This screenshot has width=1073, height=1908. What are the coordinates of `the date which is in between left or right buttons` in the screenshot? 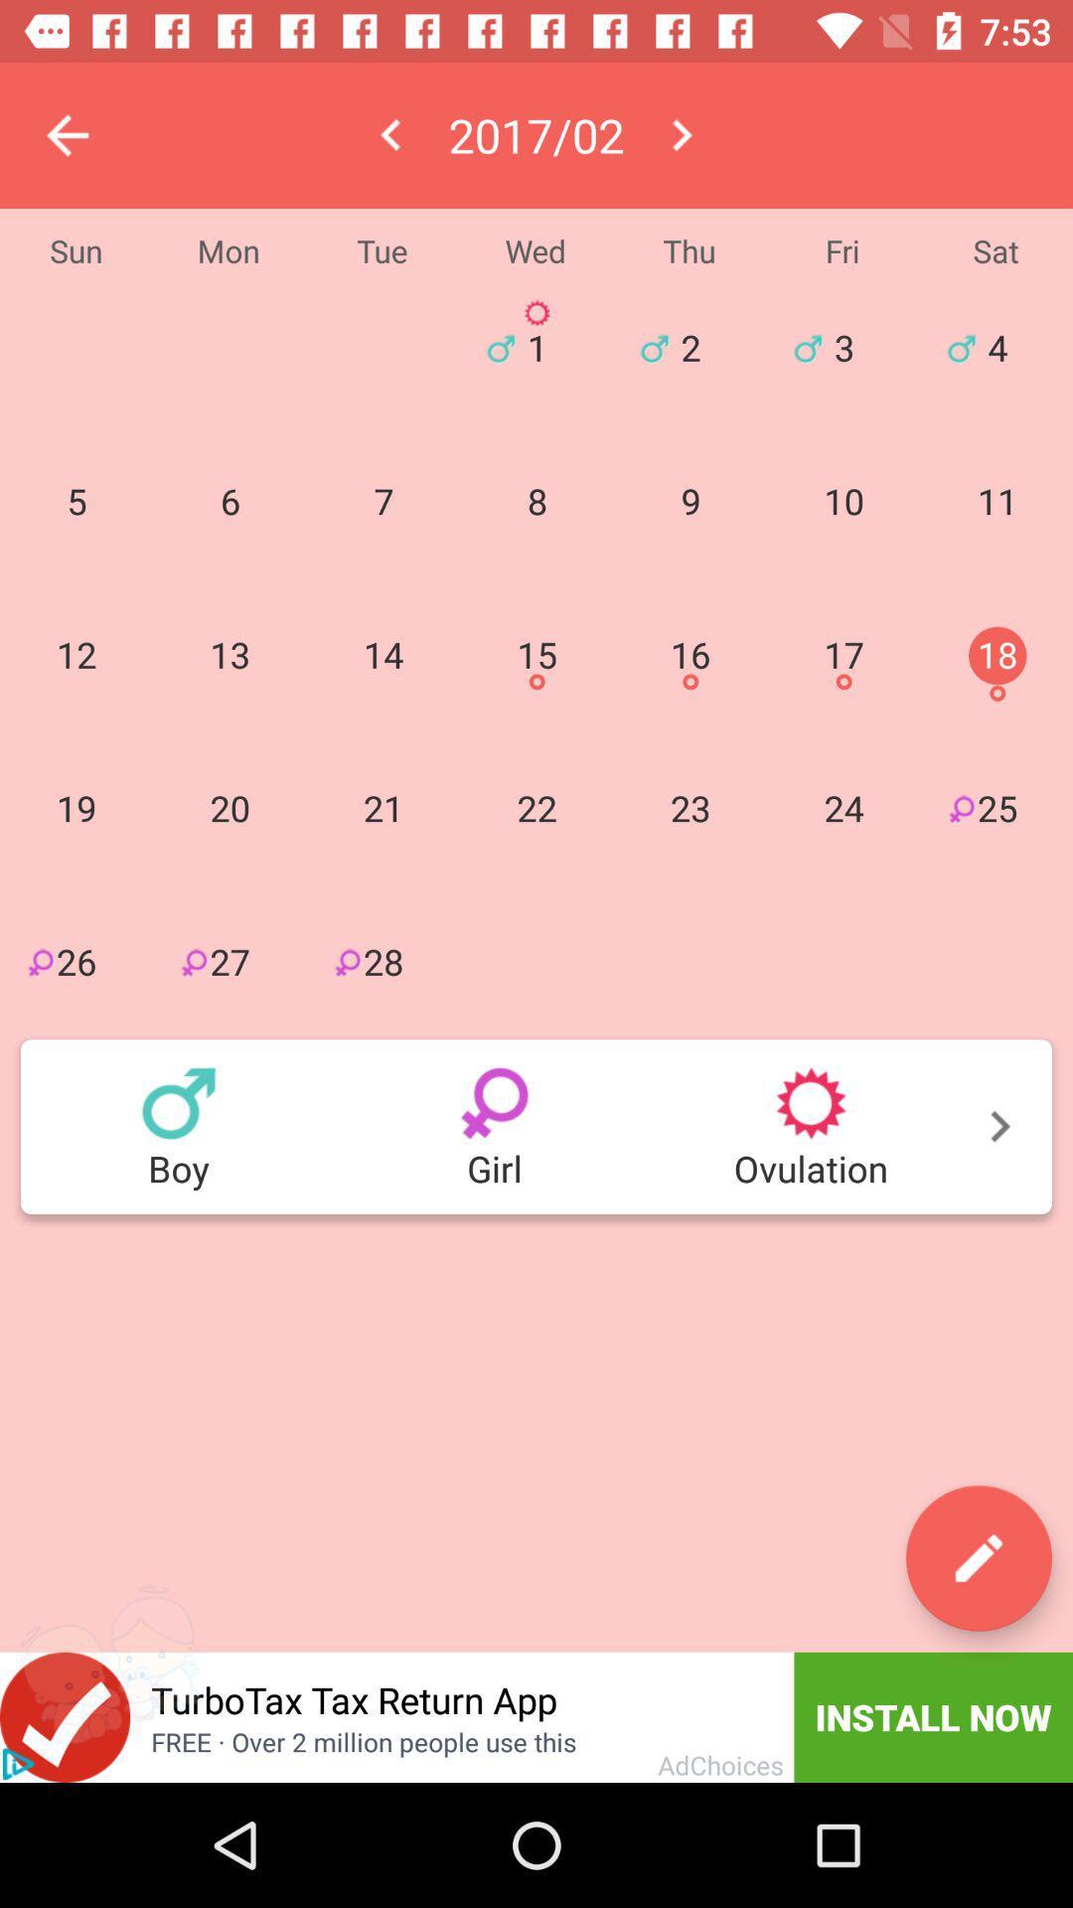 It's located at (536, 134).